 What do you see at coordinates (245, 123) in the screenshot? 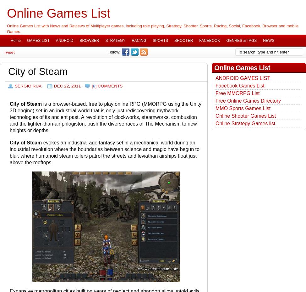
I see `'Online Strategy Games list'` at bounding box center [245, 123].